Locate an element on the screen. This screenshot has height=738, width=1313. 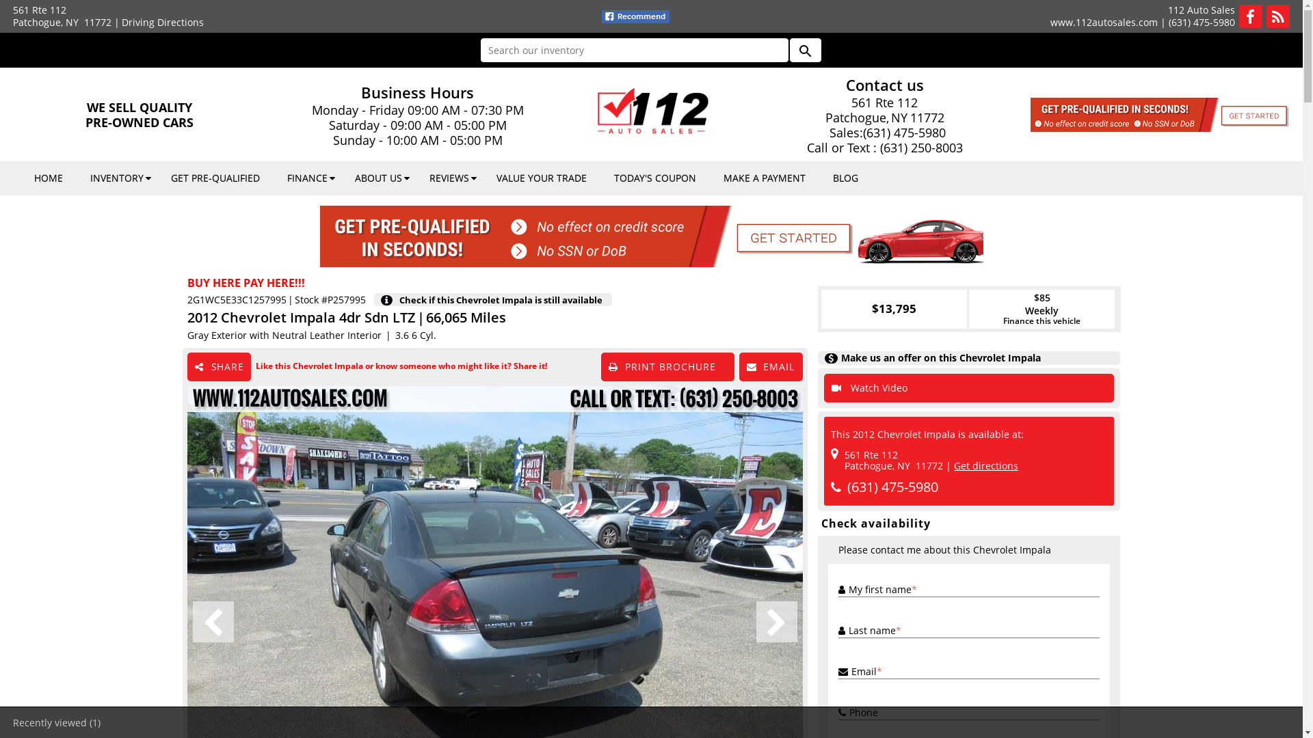
'INVENTORY' is located at coordinates (117, 178).